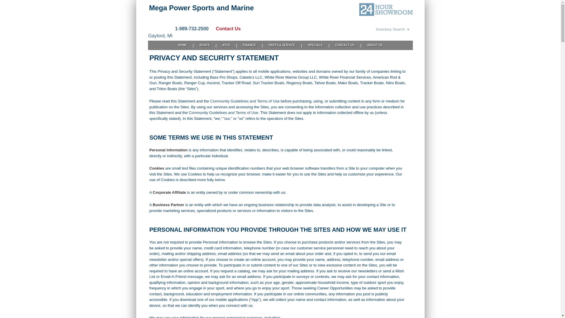 This screenshot has height=318, width=565. What do you see at coordinates (249, 45) in the screenshot?
I see `'FINANCE'` at bounding box center [249, 45].